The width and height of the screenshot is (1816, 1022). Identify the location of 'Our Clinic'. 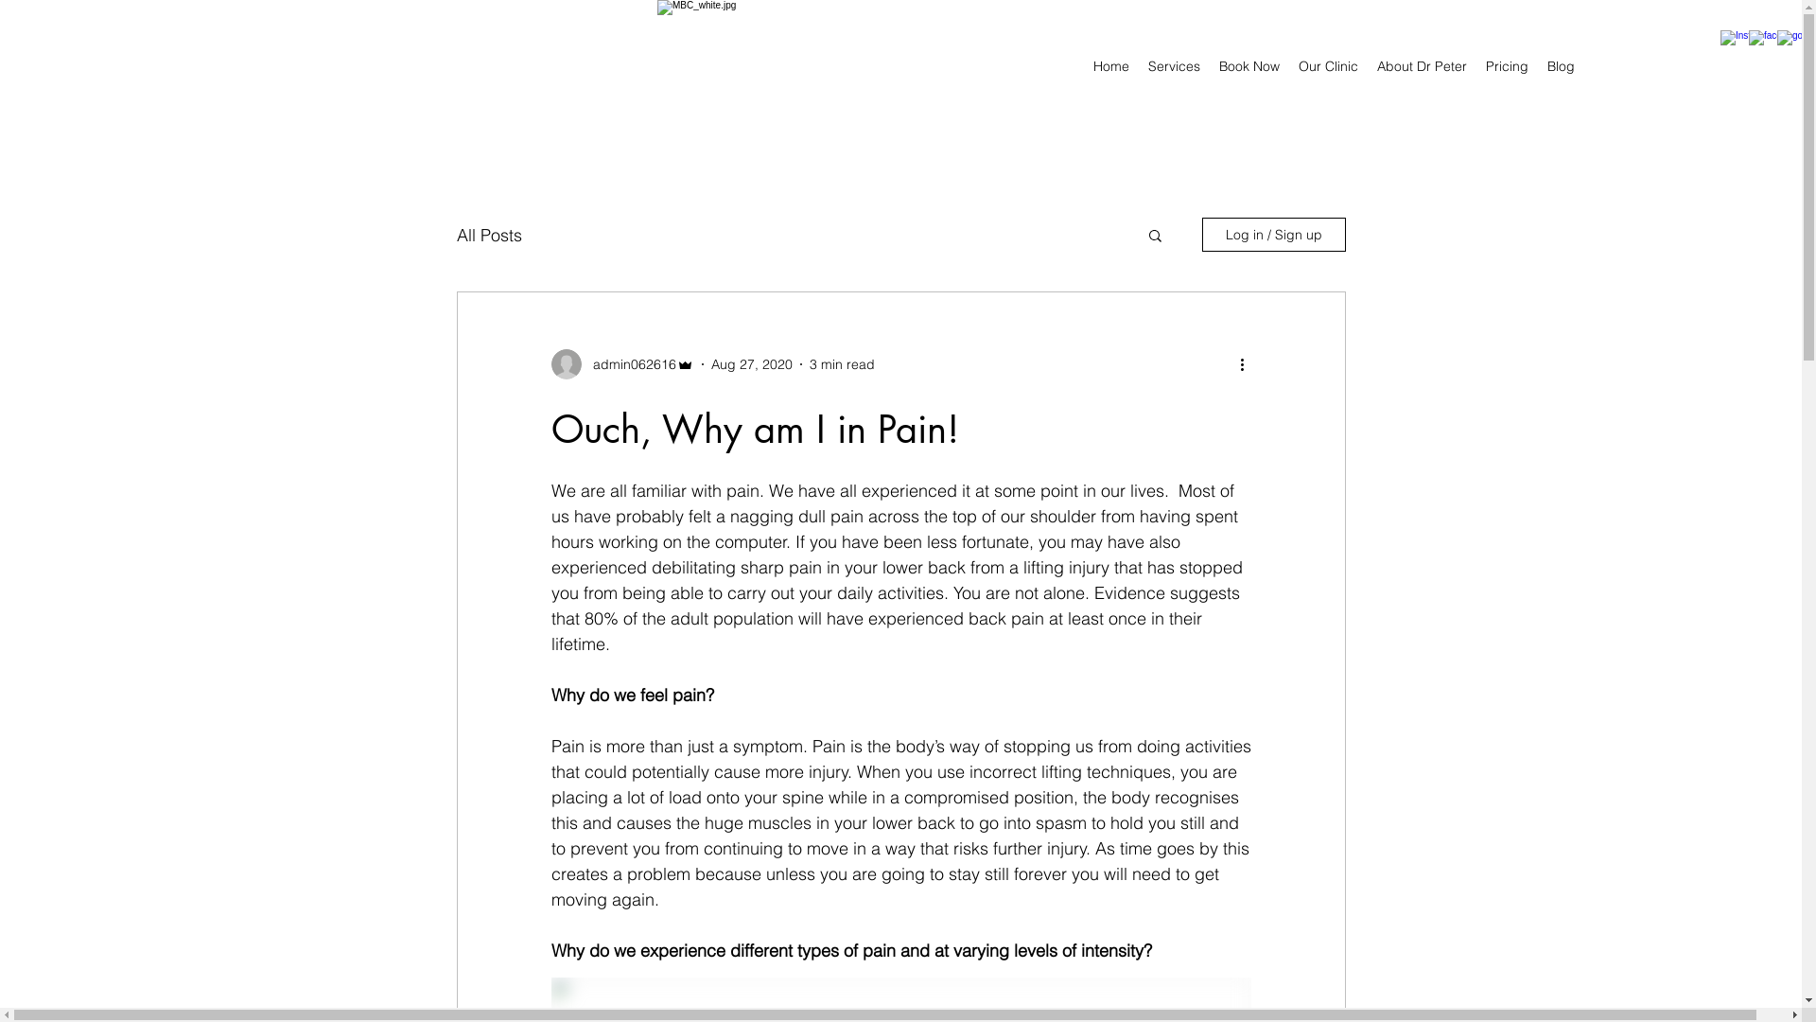
(1327, 64).